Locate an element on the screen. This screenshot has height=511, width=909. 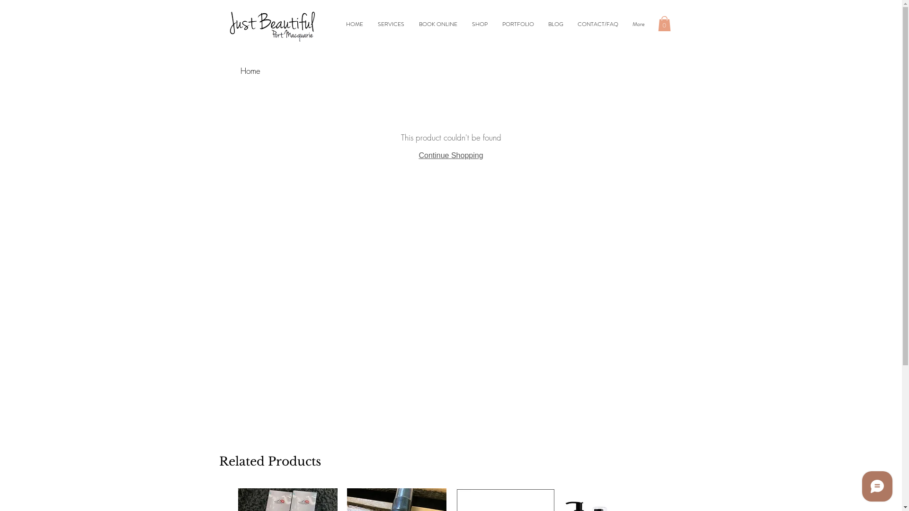
'BLOG' is located at coordinates (555, 23).